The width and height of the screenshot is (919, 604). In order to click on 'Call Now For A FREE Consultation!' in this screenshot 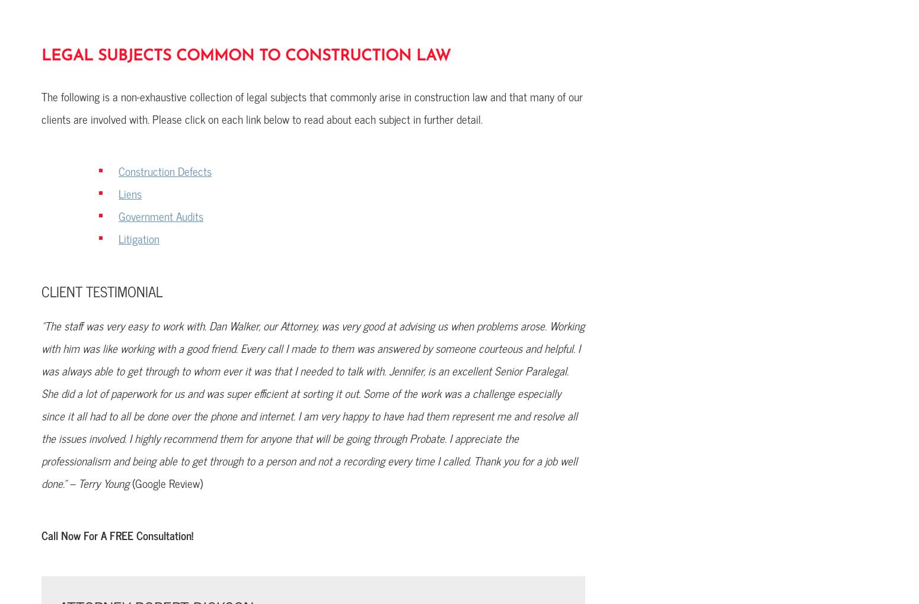, I will do `click(116, 535)`.